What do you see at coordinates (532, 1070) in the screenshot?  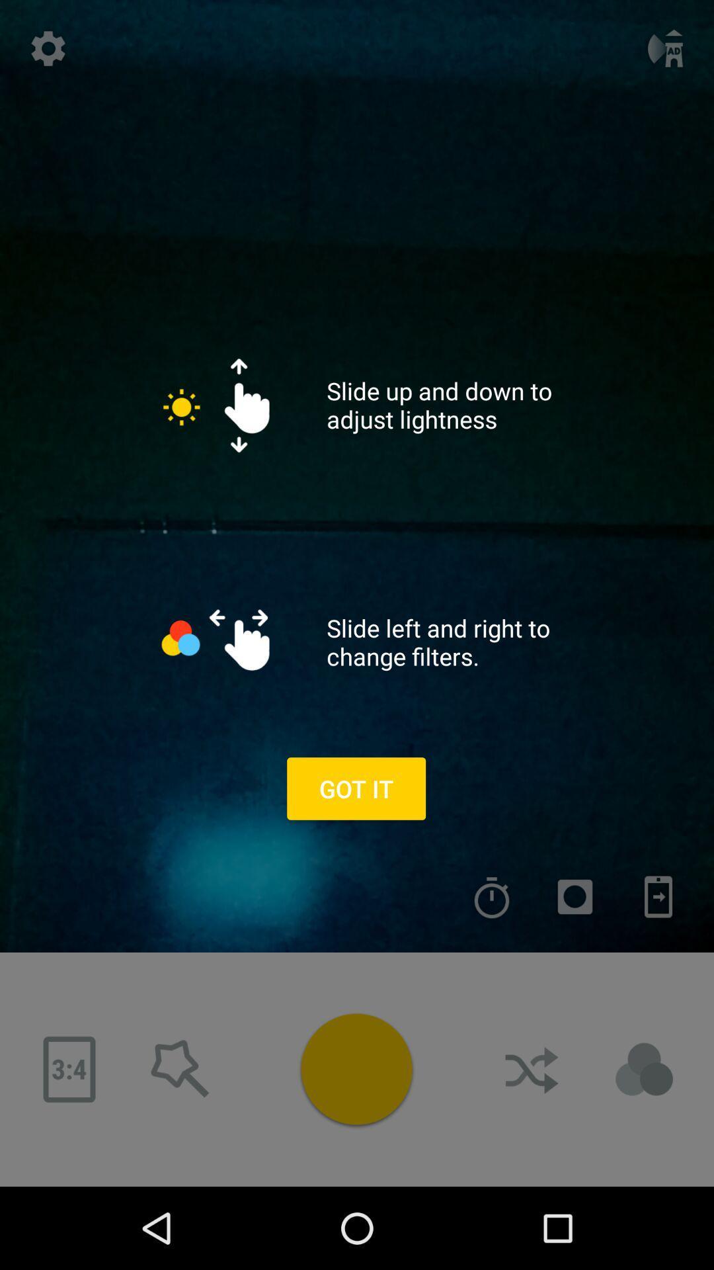 I see `share this page` at bounding box center [532, 1070].